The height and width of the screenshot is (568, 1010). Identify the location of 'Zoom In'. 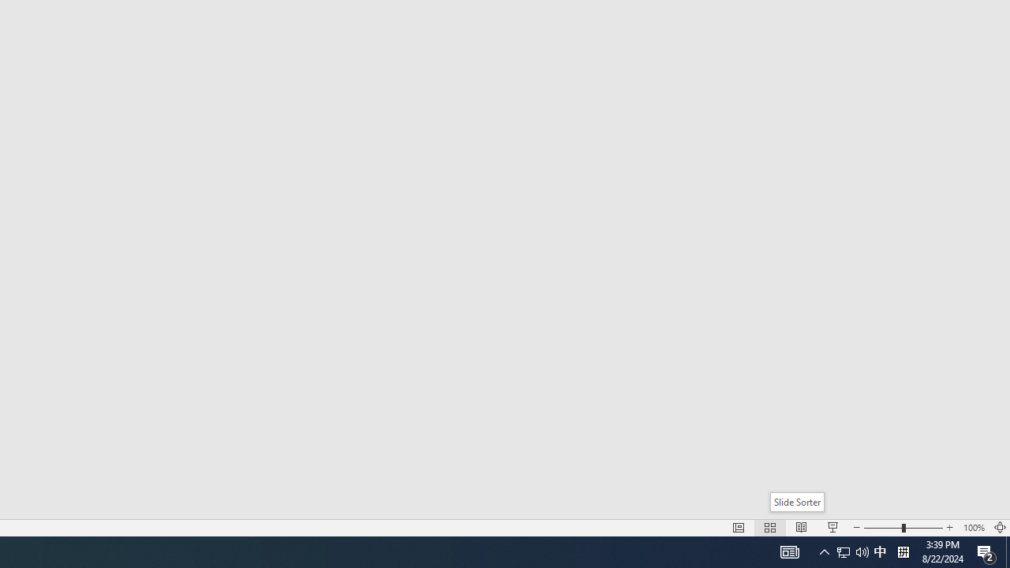
(949, 528).